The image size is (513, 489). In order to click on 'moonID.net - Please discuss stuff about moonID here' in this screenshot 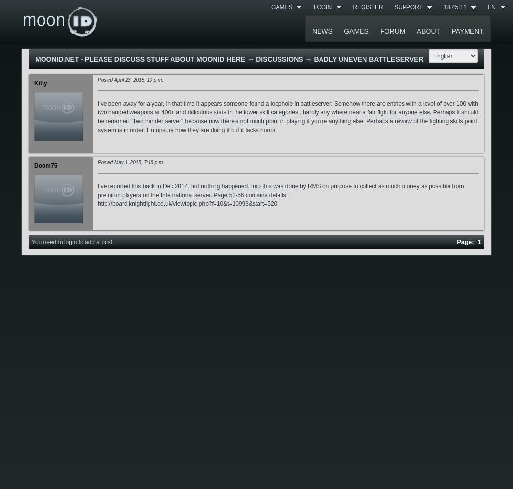, I will do `click(139, 59)`.